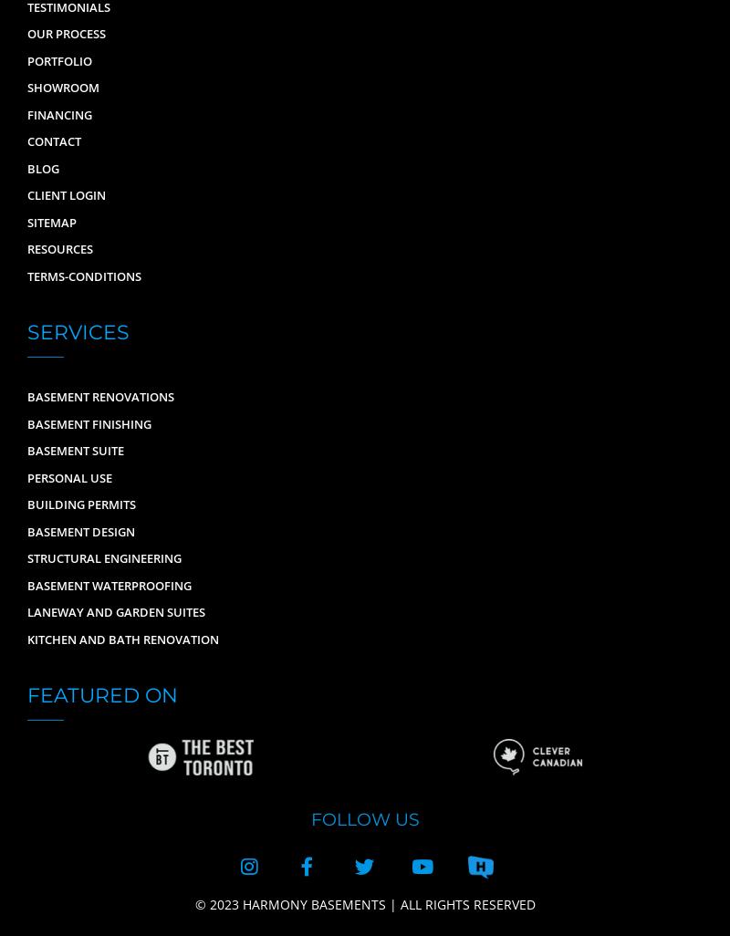  Describe the element at coordinates (84, 274) in the screenshot. I see `'Terms-Conditions'` at that location.